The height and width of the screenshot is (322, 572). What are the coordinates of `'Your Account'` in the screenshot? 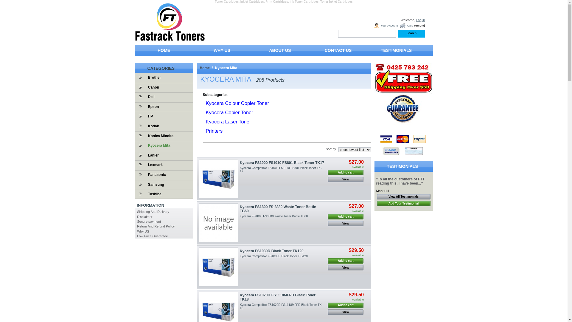 It's located at (373, 25).